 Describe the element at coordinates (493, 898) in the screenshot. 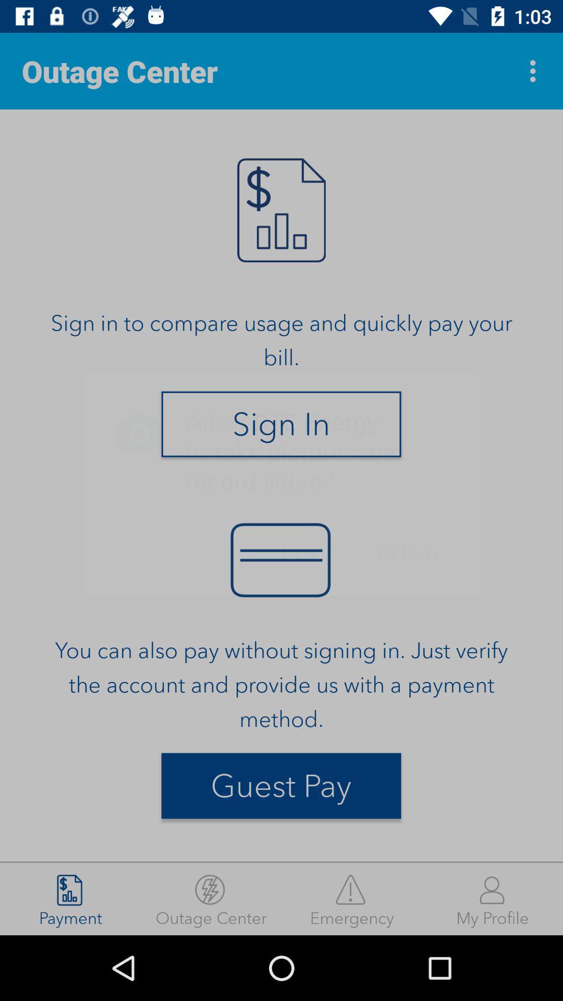

I see `my profile icon` at that location.